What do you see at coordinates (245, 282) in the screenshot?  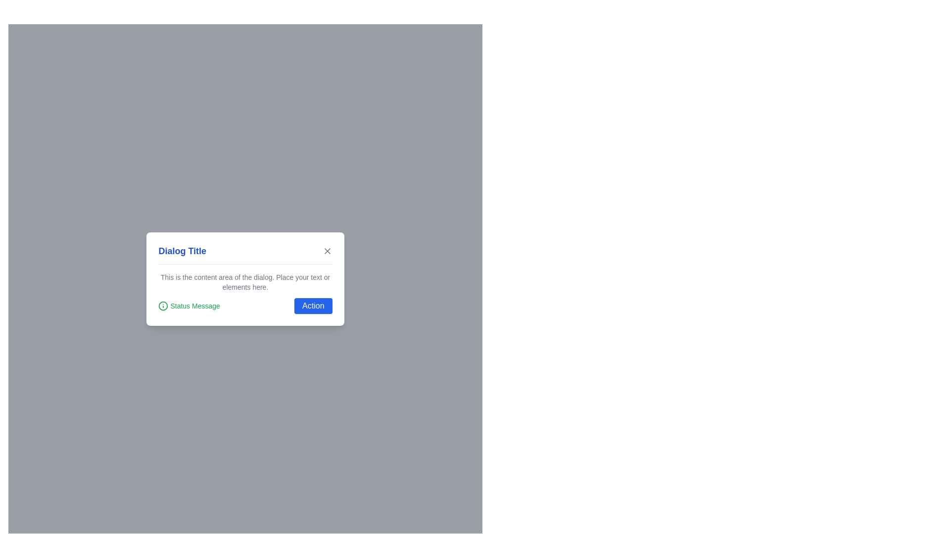 I see `the informational text block that provides details or instructions within the dialog, positioned at the center of the dialog box above the 'Status Message' and 'Action' components` at bounding box center [245, 282].